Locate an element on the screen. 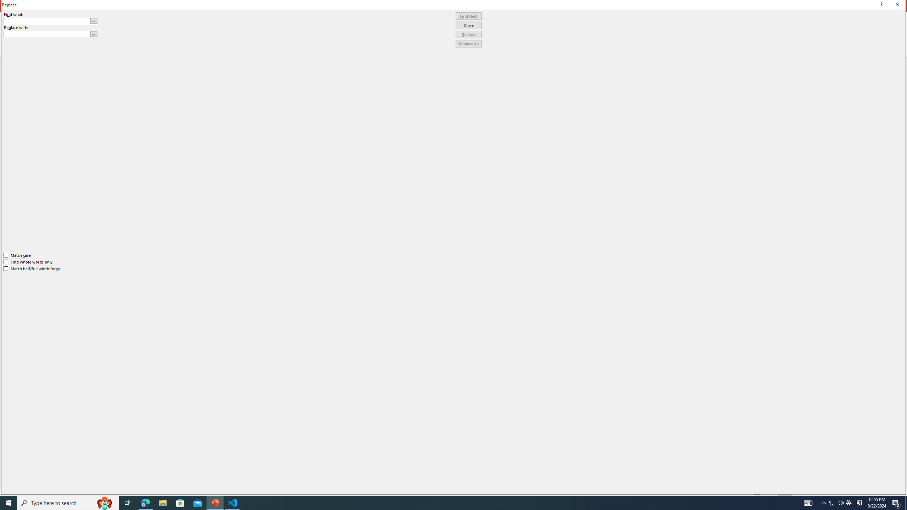 The image size is (907, 510). 'Match case' is located at coordinates (17, 255).